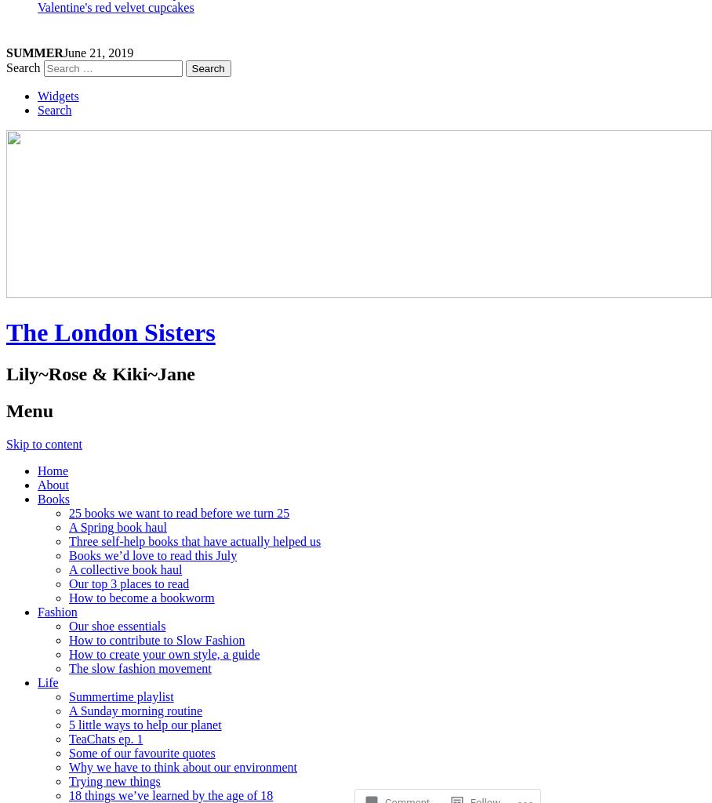 The image size is (712, 803). What do you see at coordinates (164, 653) in the screenshot?
I see `'How to create your own style, a guide'` at bounding box center [164, 653].